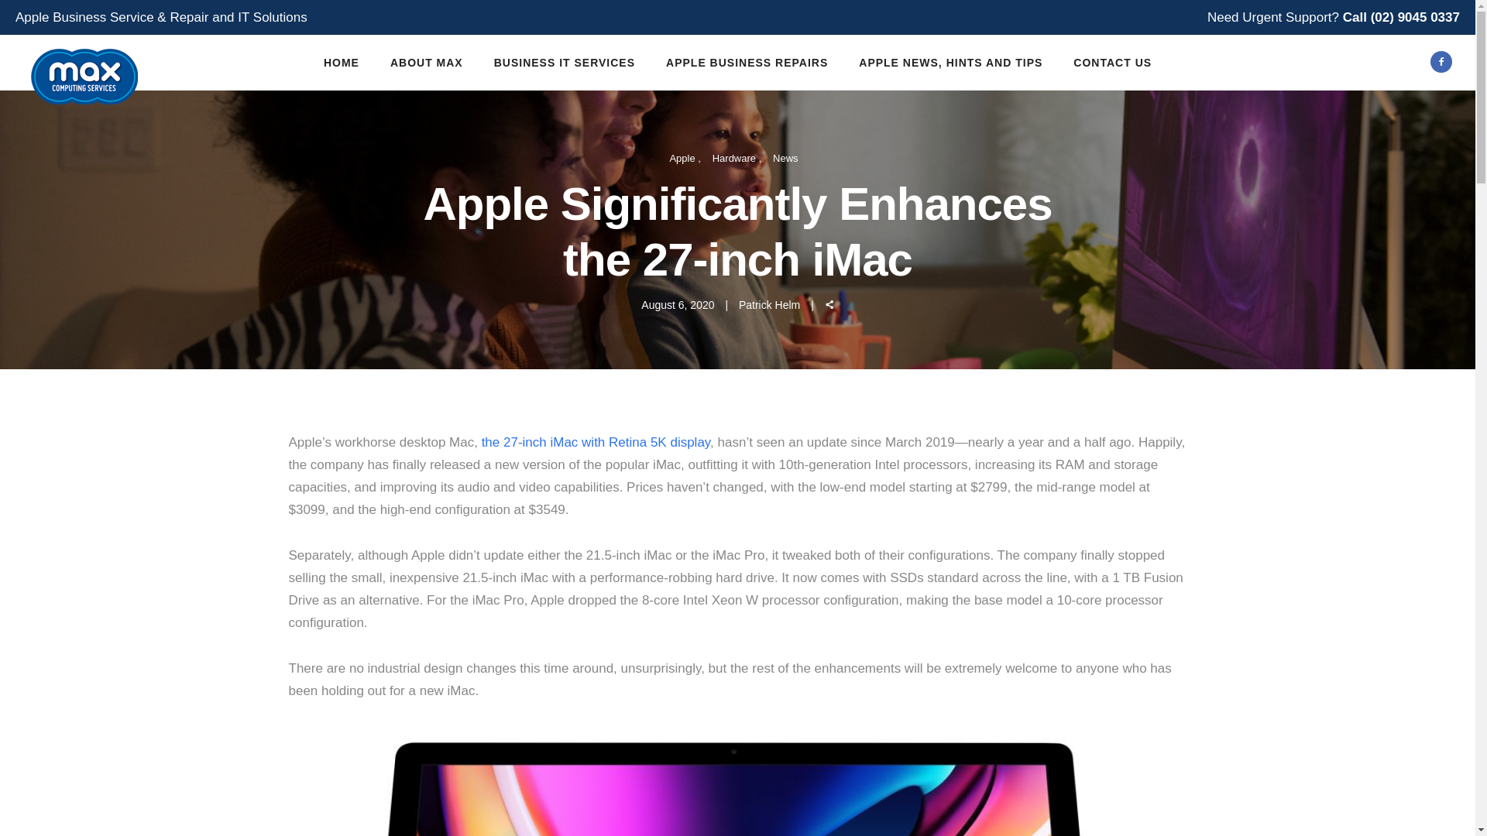 The height and width of the screenshot is (836, 1487). I want to click on 'ABOUT MAX', so click(427, 62).